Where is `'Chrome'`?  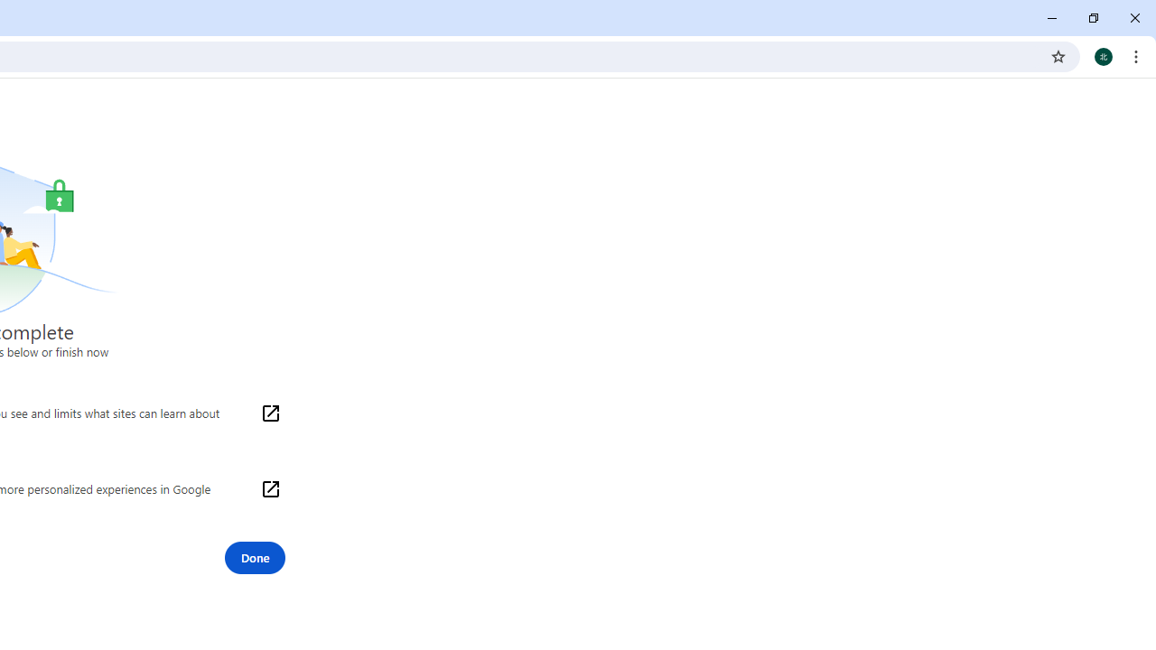 'Chrome' is located at coordinates (1137, 55).